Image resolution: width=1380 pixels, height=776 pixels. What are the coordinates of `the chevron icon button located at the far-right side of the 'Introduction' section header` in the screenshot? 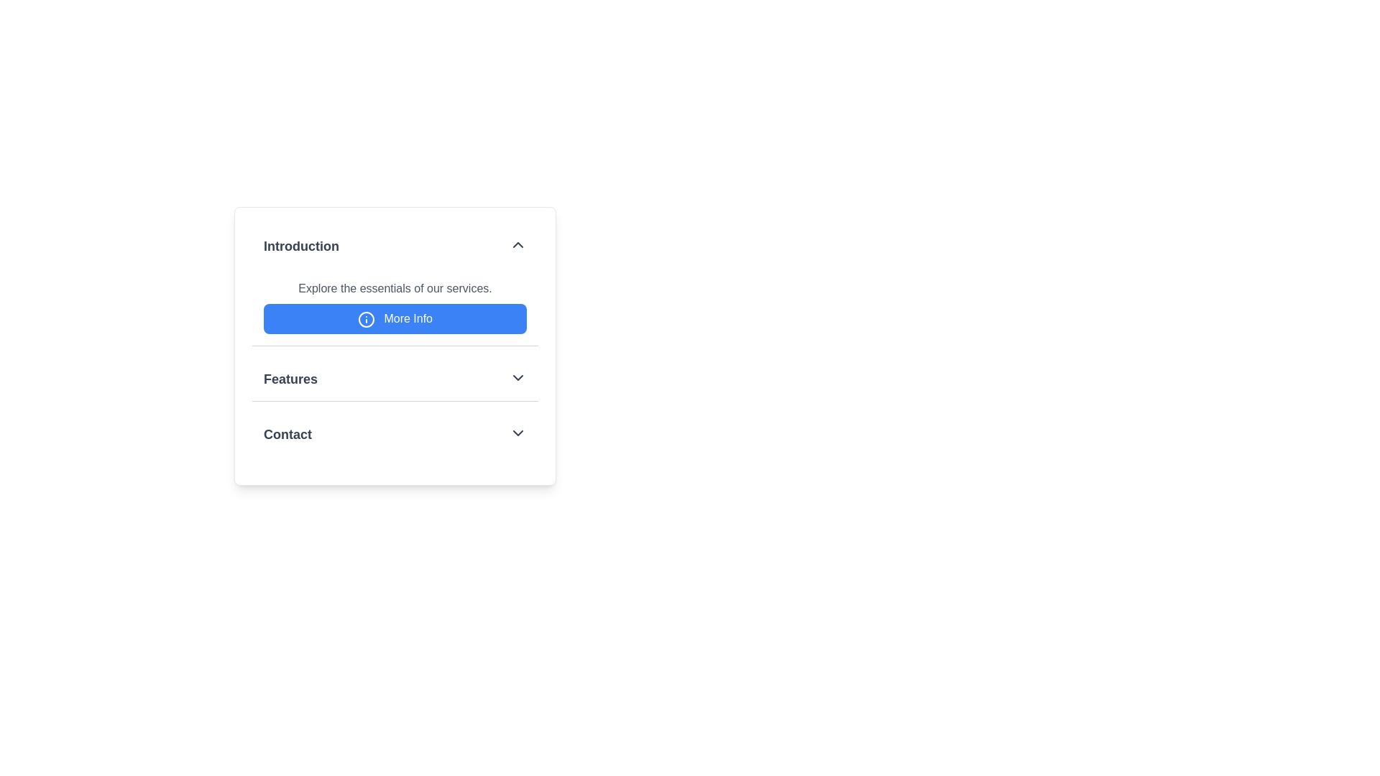 It's located at (517, 244).